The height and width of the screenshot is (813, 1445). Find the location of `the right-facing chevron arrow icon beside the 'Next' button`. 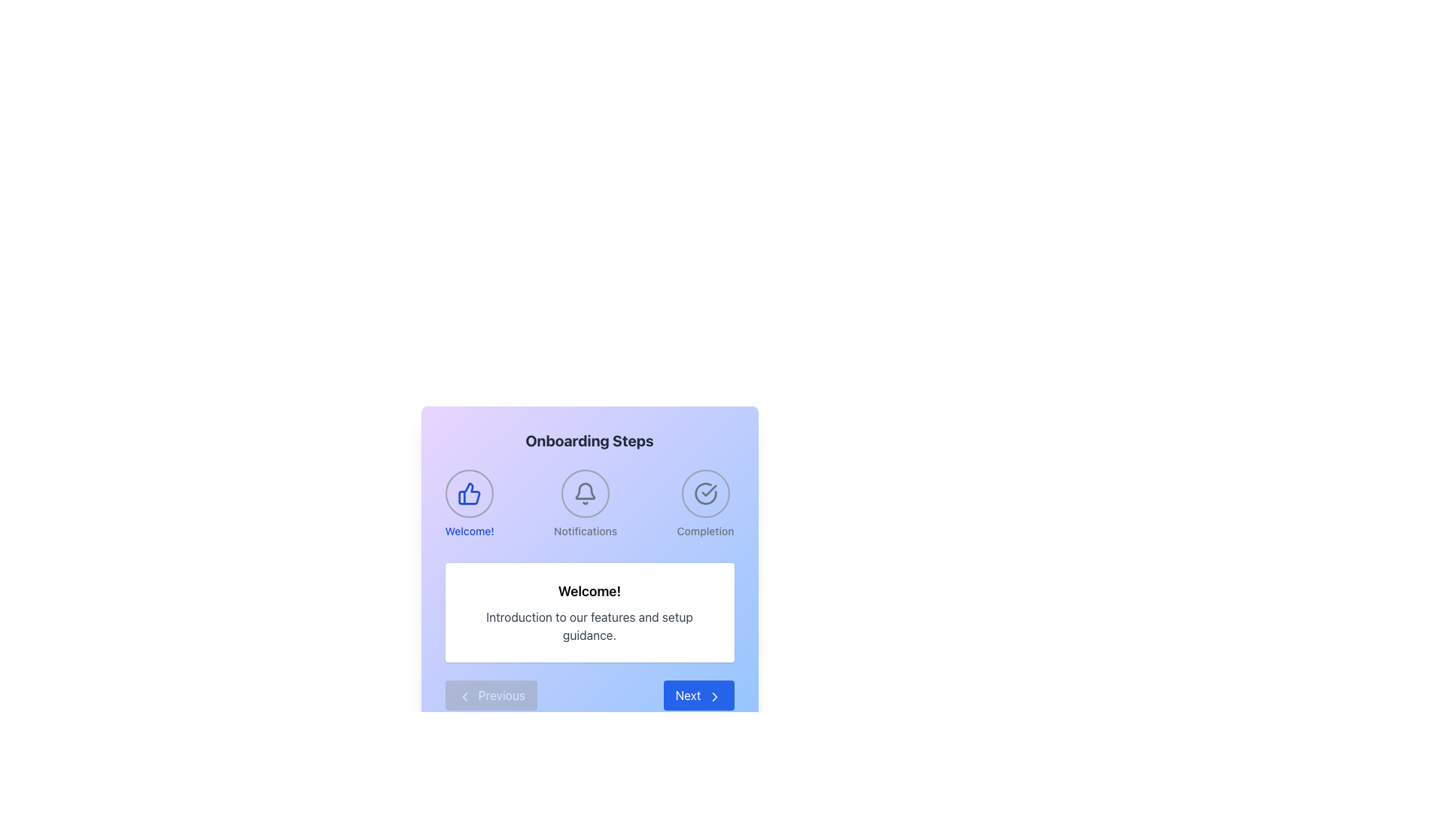

the right-facing chevron arrow icon beside the 'Next' button is located at coordinates (713, 696).